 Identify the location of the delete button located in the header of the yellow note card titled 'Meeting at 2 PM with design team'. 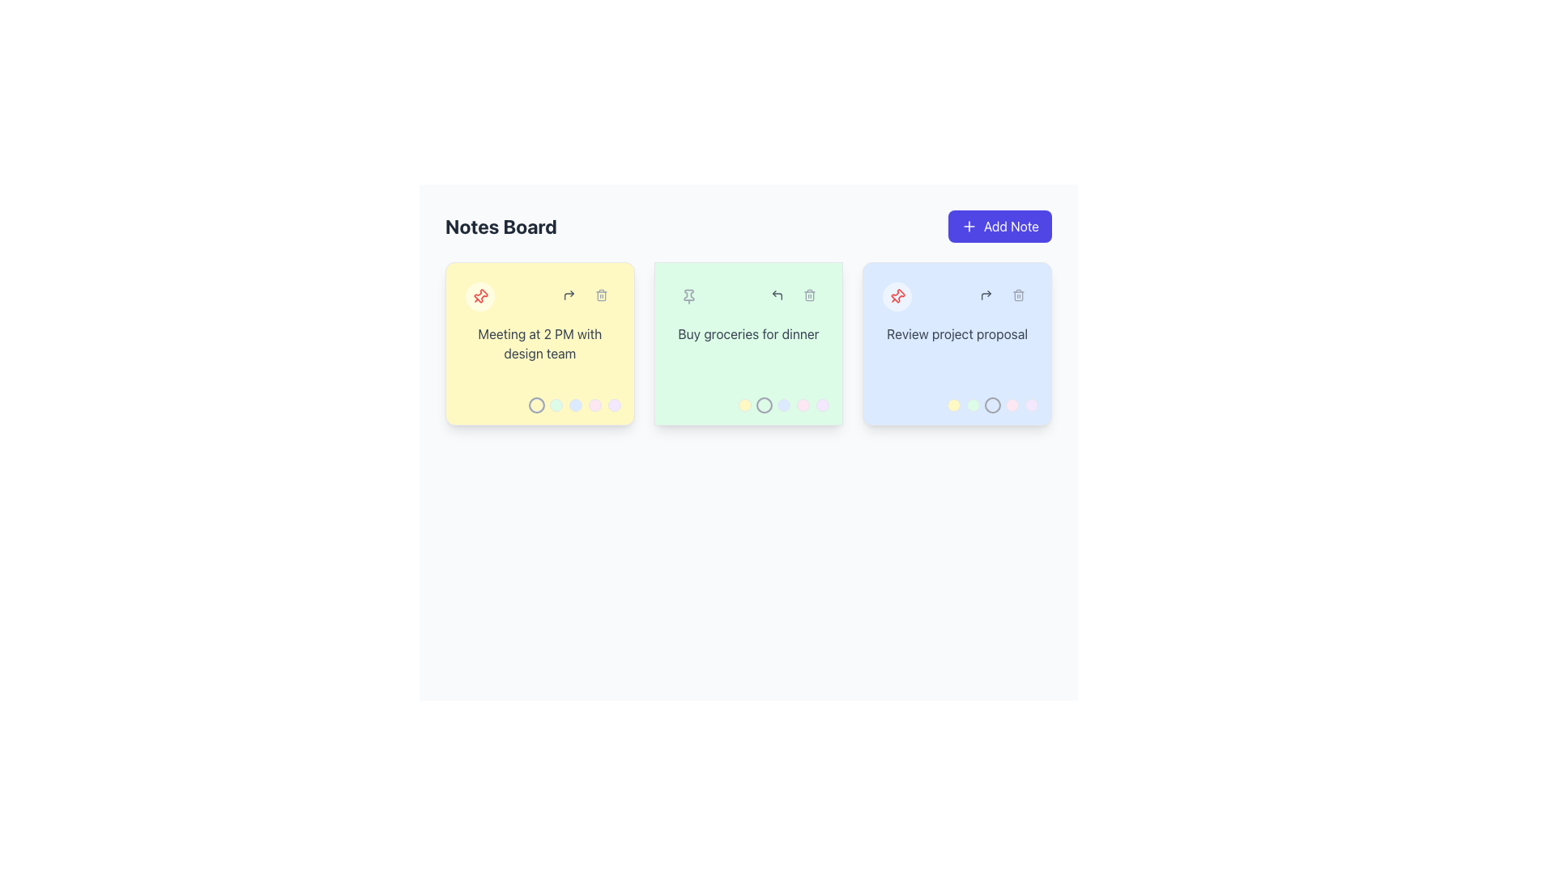
(600, 295).